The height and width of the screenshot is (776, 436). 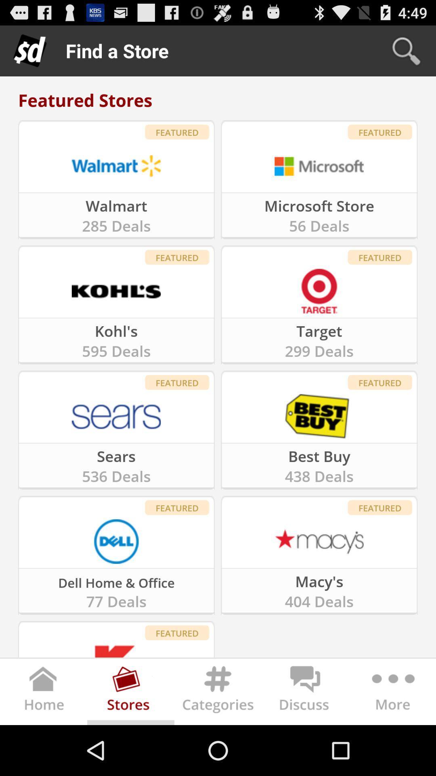 I want to click on open stores, so click(x=130, y=693).